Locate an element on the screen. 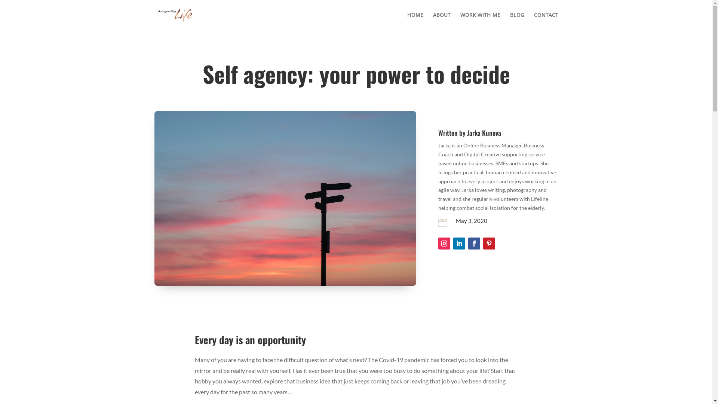 This screenshot has height=404, width=718. 'Follow on Pinterest' is located at coordinates (483, 244).